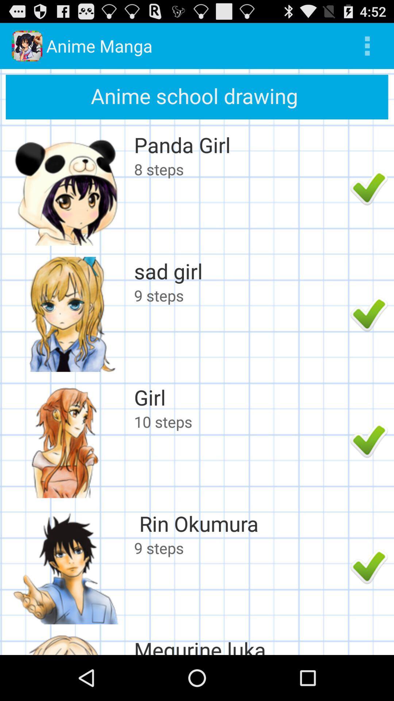 The height and width of the screenshot is (701, 394). What do you see at coordinates (197, 96) in the screenshot?
I see `anime school drawing` at bounding box center [197, 96].